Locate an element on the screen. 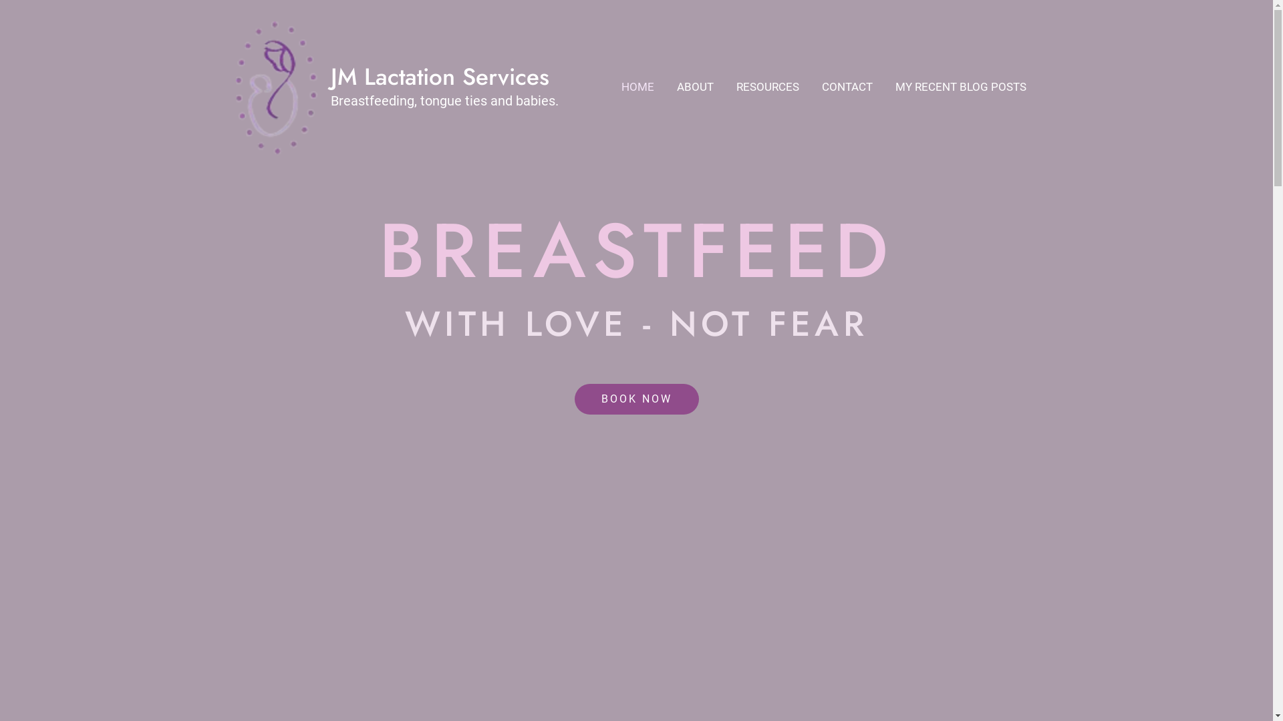 Image resolution: width=1283 pixels, height=721 pixels. 'HOME' is located at coordinates (636, 87).